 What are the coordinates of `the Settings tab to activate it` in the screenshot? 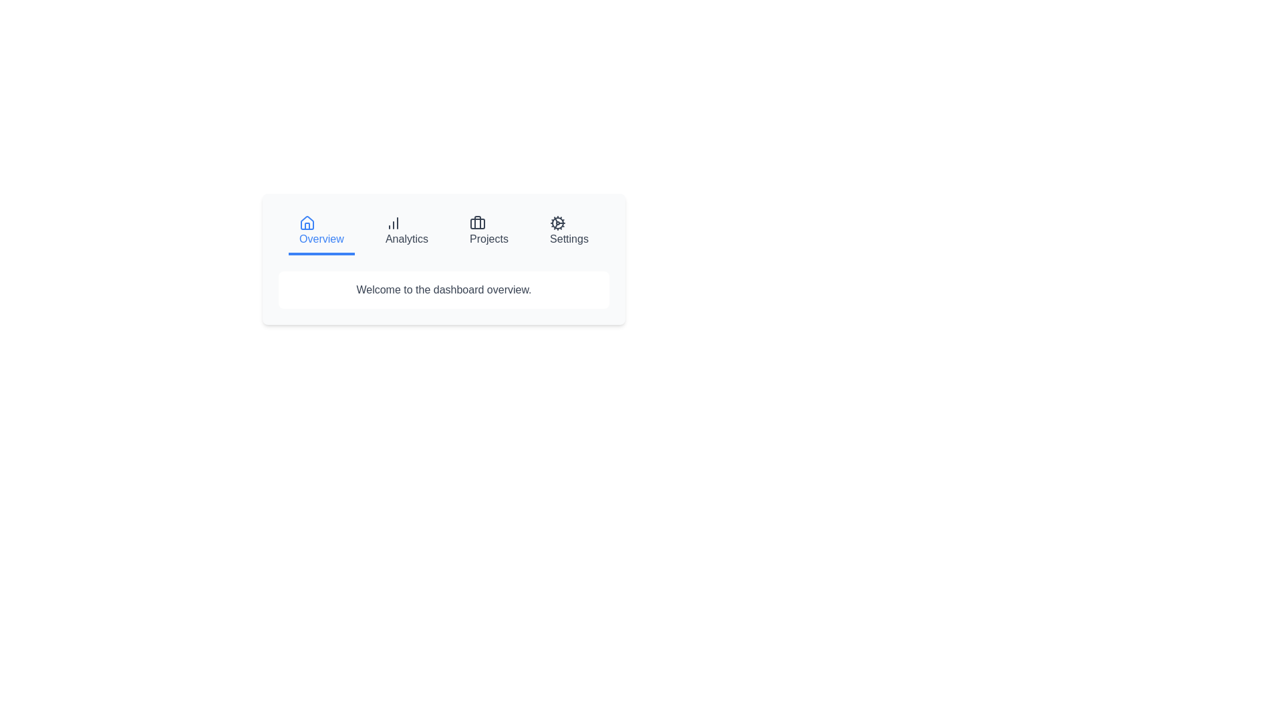 It's located at (569, 231).